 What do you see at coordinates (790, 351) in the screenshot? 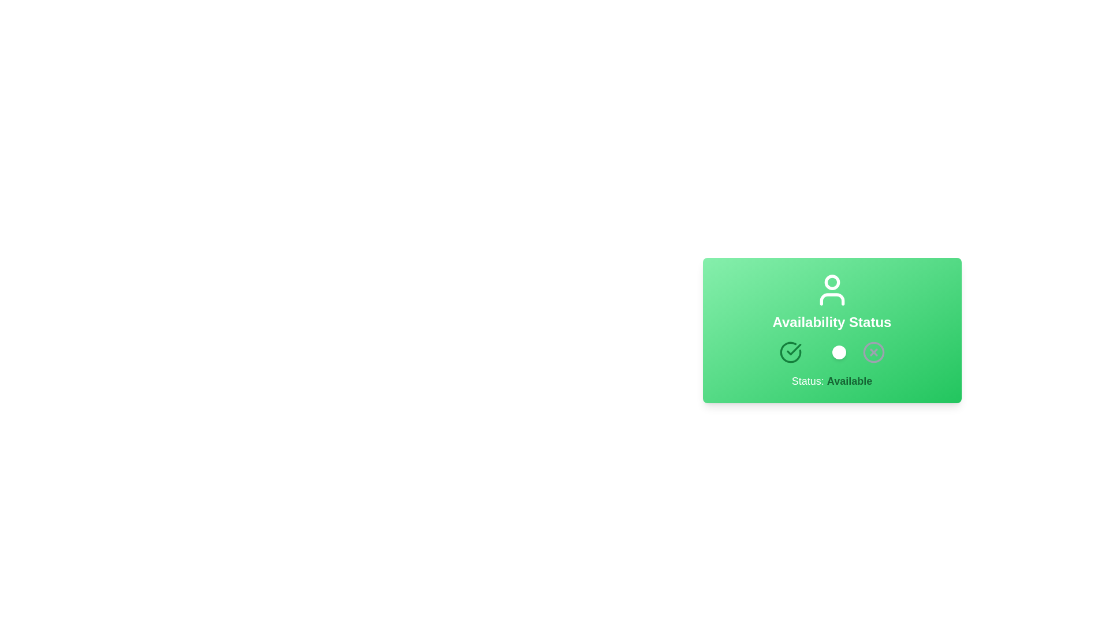
I see `the circular check mark icon within the green card interface, located beneath 'Availability Status' and above 'Status: Available'` at bounding box center [790, 351].